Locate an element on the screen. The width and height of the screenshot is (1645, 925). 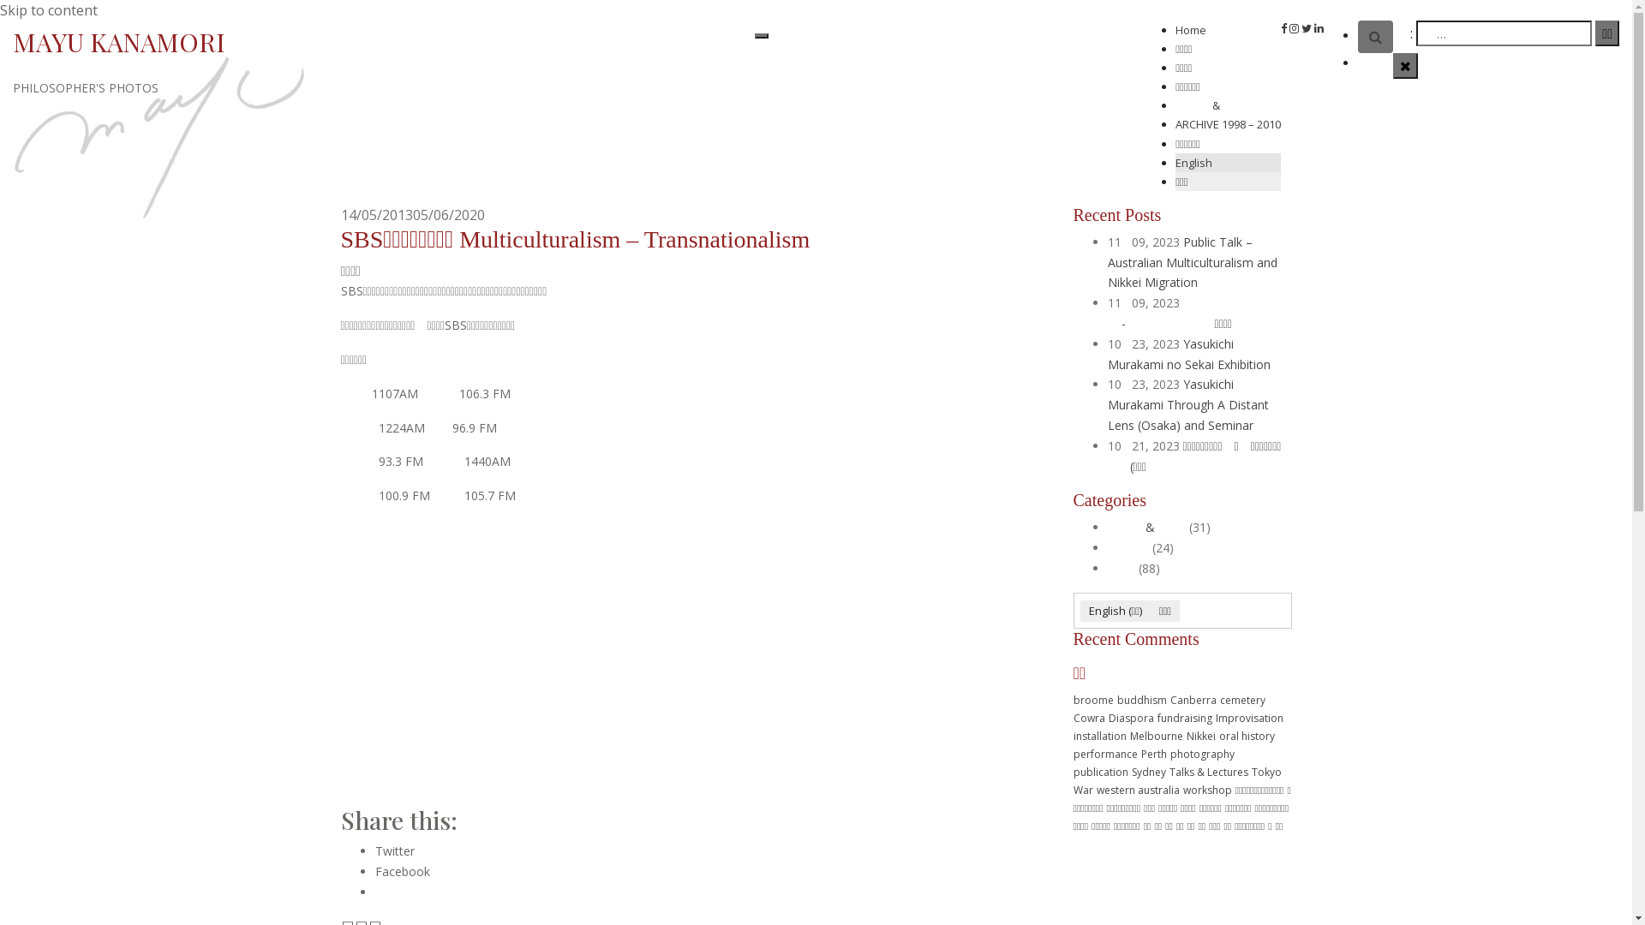
'14/05/201305/06/2020' is located at coordinates (412, 213).